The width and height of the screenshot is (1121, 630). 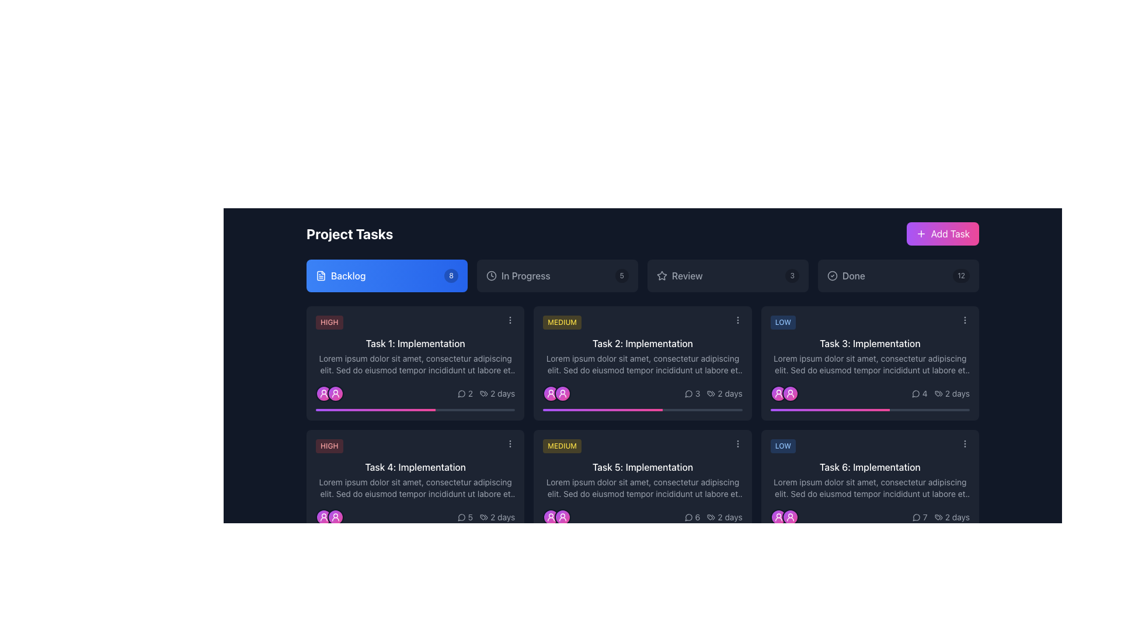 What do you see at coordinates (778, 394) in the screenshot?
I see `the Profile icon badge located below the 'Task 3: Implementation' card in the 'Done' column` at bounding box center [778, 394].